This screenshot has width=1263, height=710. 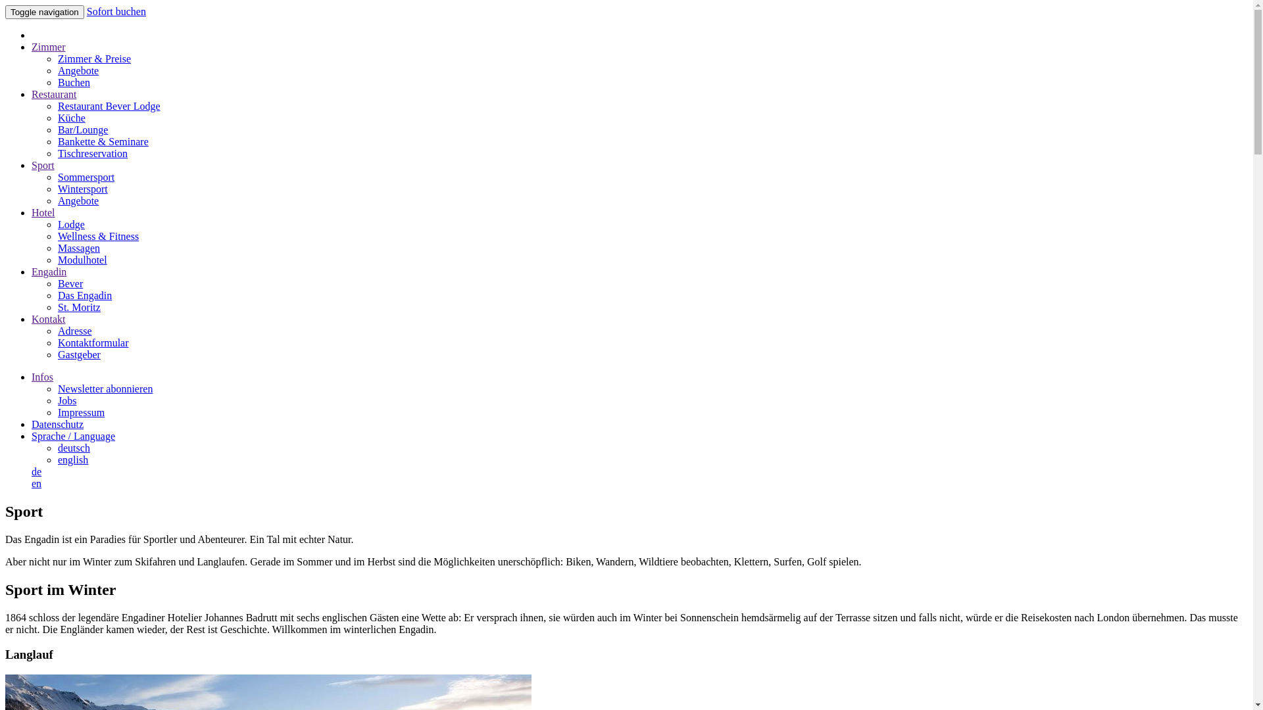 I want to click on 'en', so click(x=36, y=483).